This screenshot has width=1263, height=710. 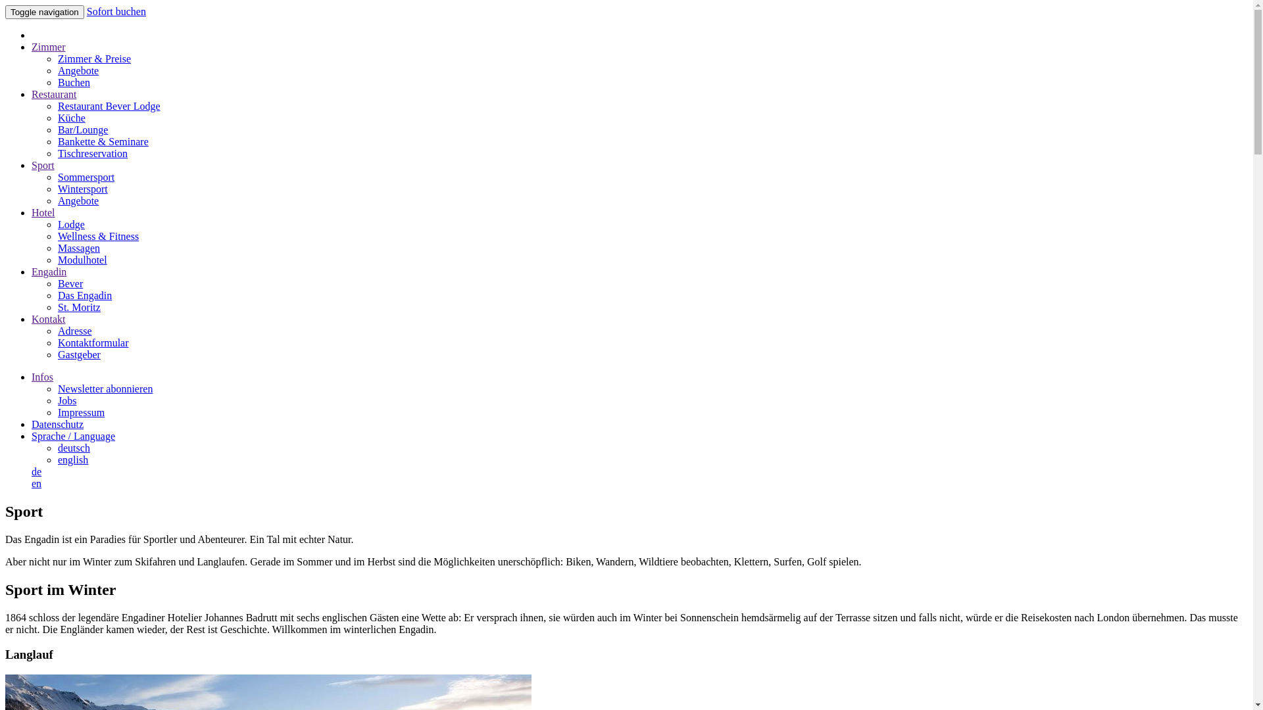 I want to click on 'en', so click(x=36, y=483).